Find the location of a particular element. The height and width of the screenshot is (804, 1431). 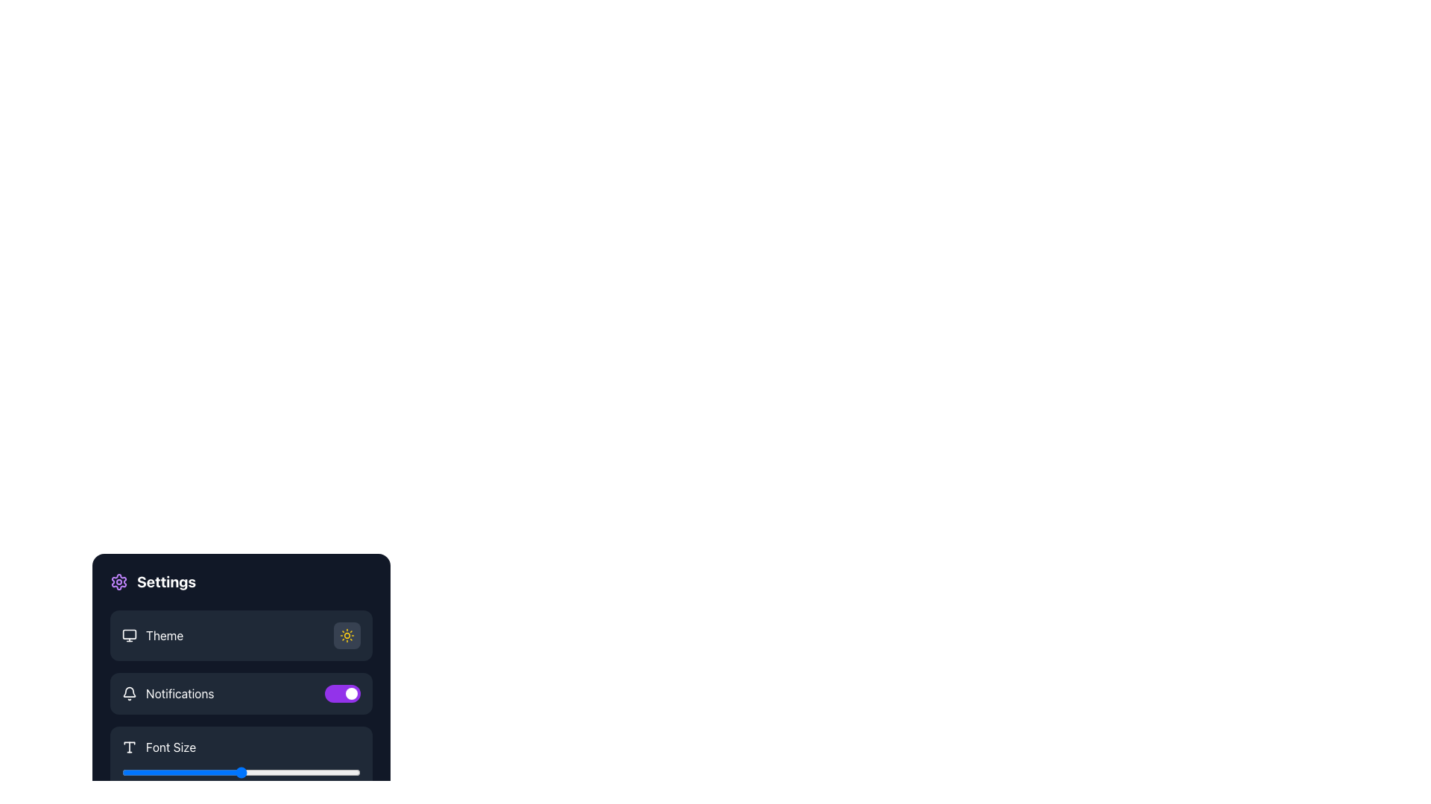

the font size is located at coordinates (155, 771).